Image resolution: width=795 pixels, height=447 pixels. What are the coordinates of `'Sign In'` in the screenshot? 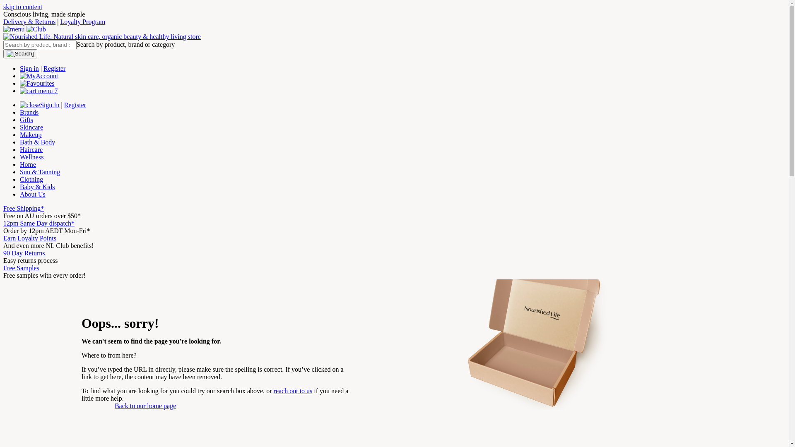 It's located at (49, 104).